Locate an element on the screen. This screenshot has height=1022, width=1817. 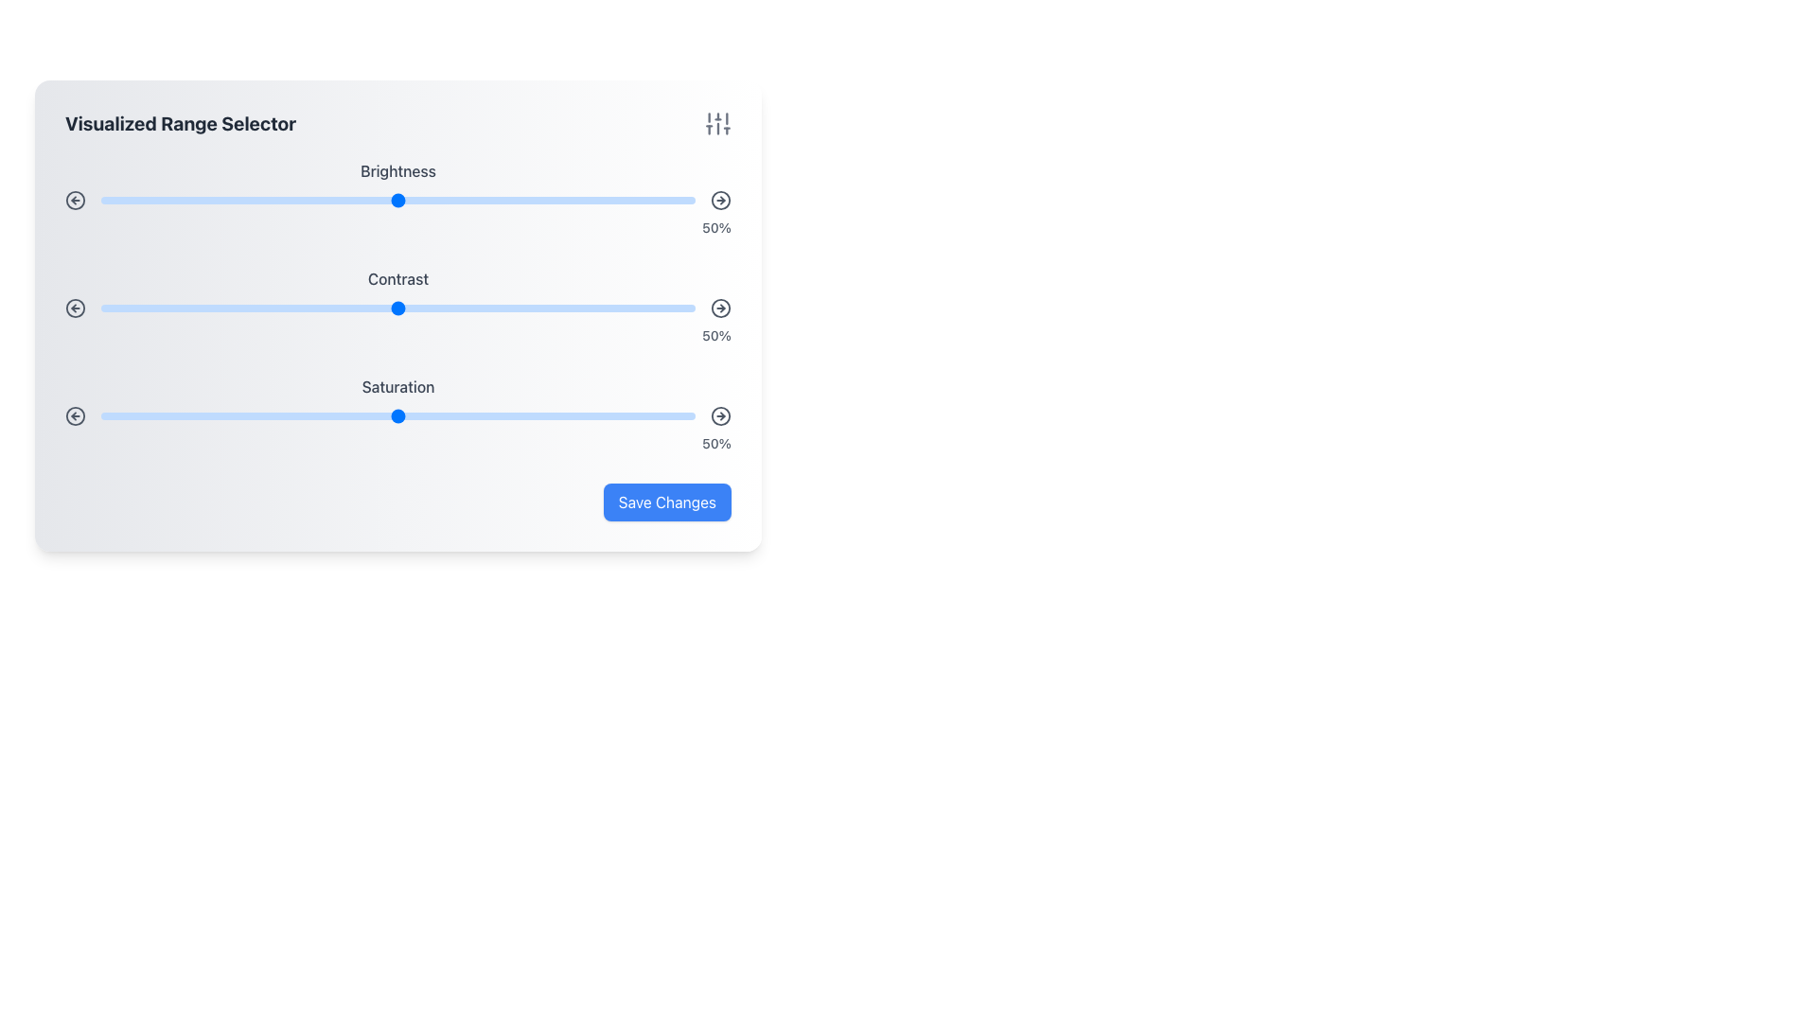
the brightness is located at coordinates (172, 201).